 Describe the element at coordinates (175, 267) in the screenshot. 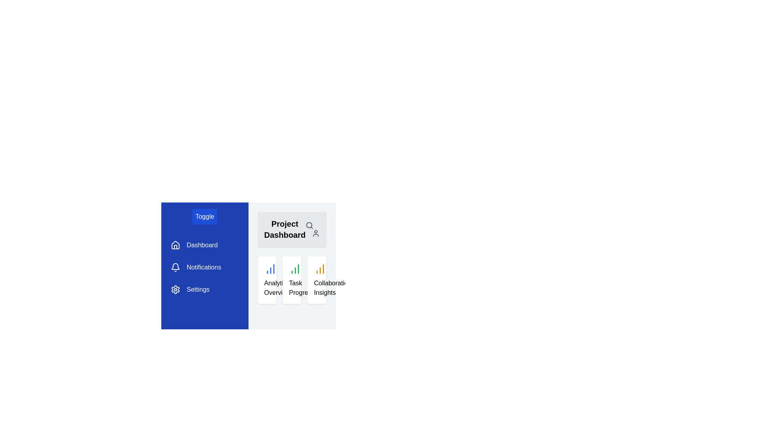

I see `the bell icon outlined in white with a blue background, located to the left of the 'Notifications' text in the vertical menu bar` at that location.